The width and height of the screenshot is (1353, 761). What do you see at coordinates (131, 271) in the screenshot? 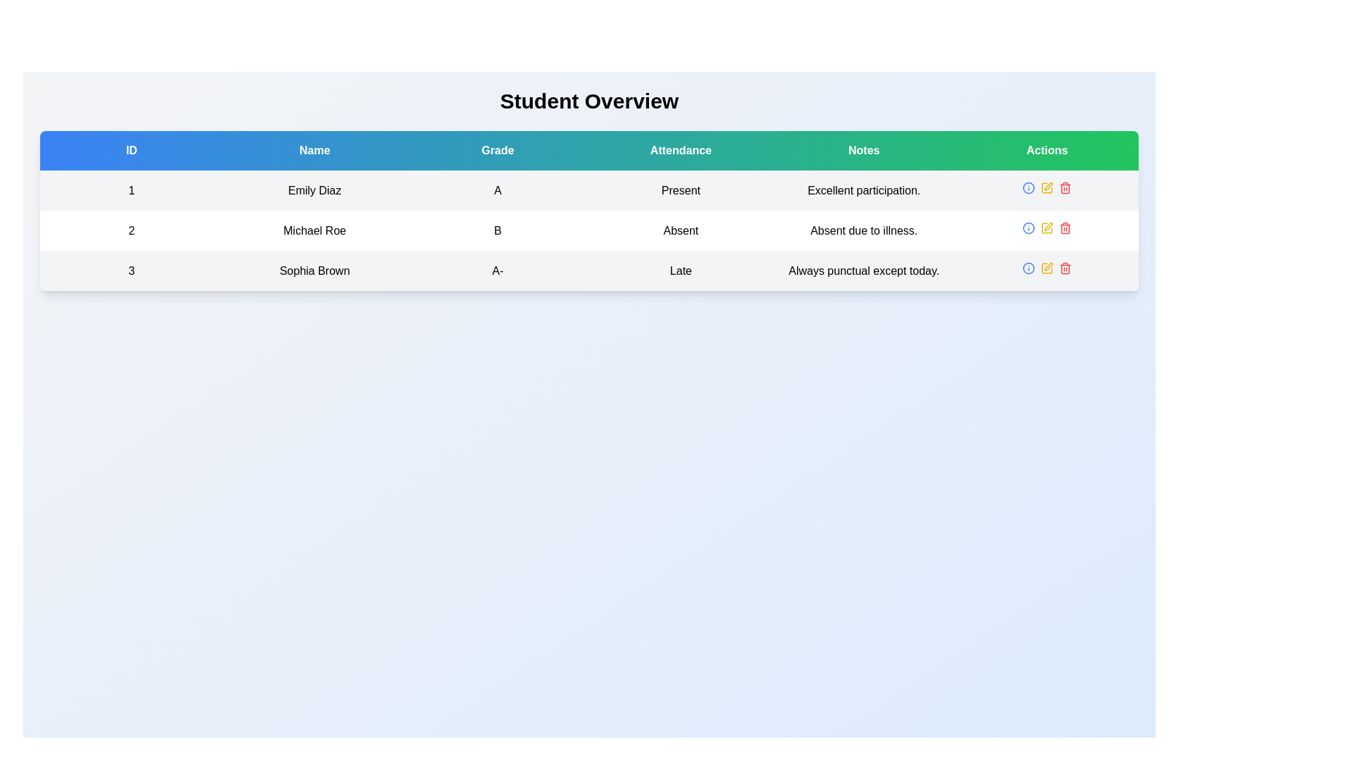
I see `the Text label` at bounding box center [131, 271].